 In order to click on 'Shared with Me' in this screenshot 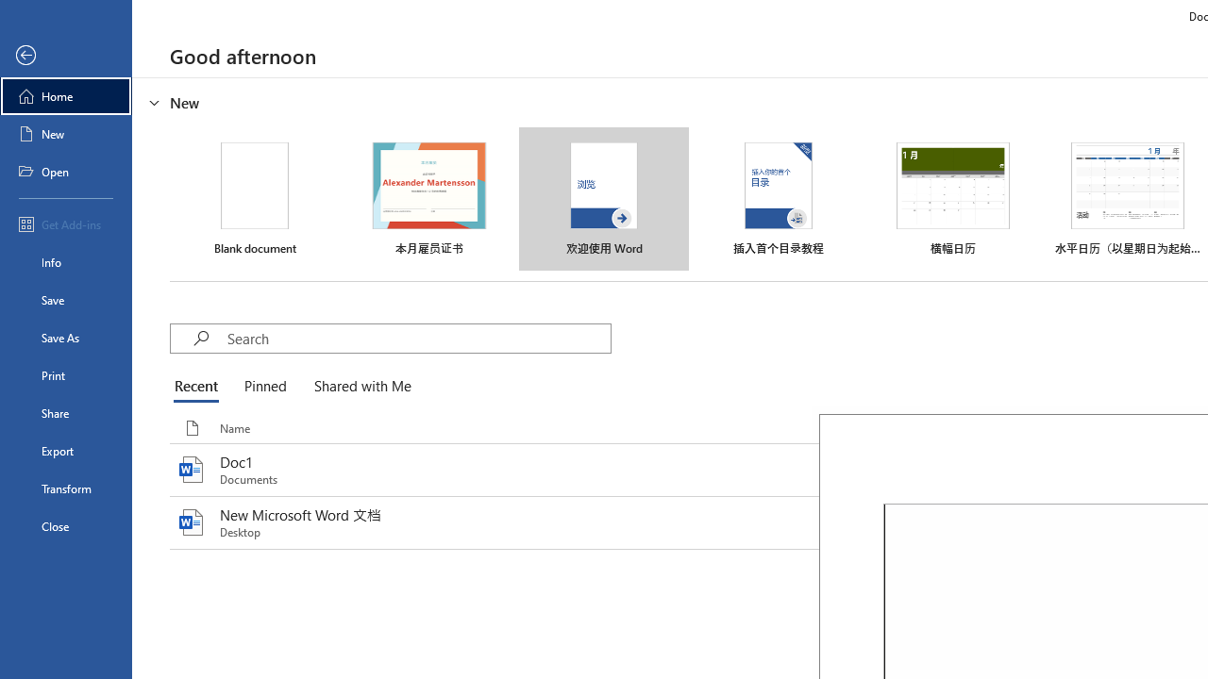, I will do `click(359, 387)`.